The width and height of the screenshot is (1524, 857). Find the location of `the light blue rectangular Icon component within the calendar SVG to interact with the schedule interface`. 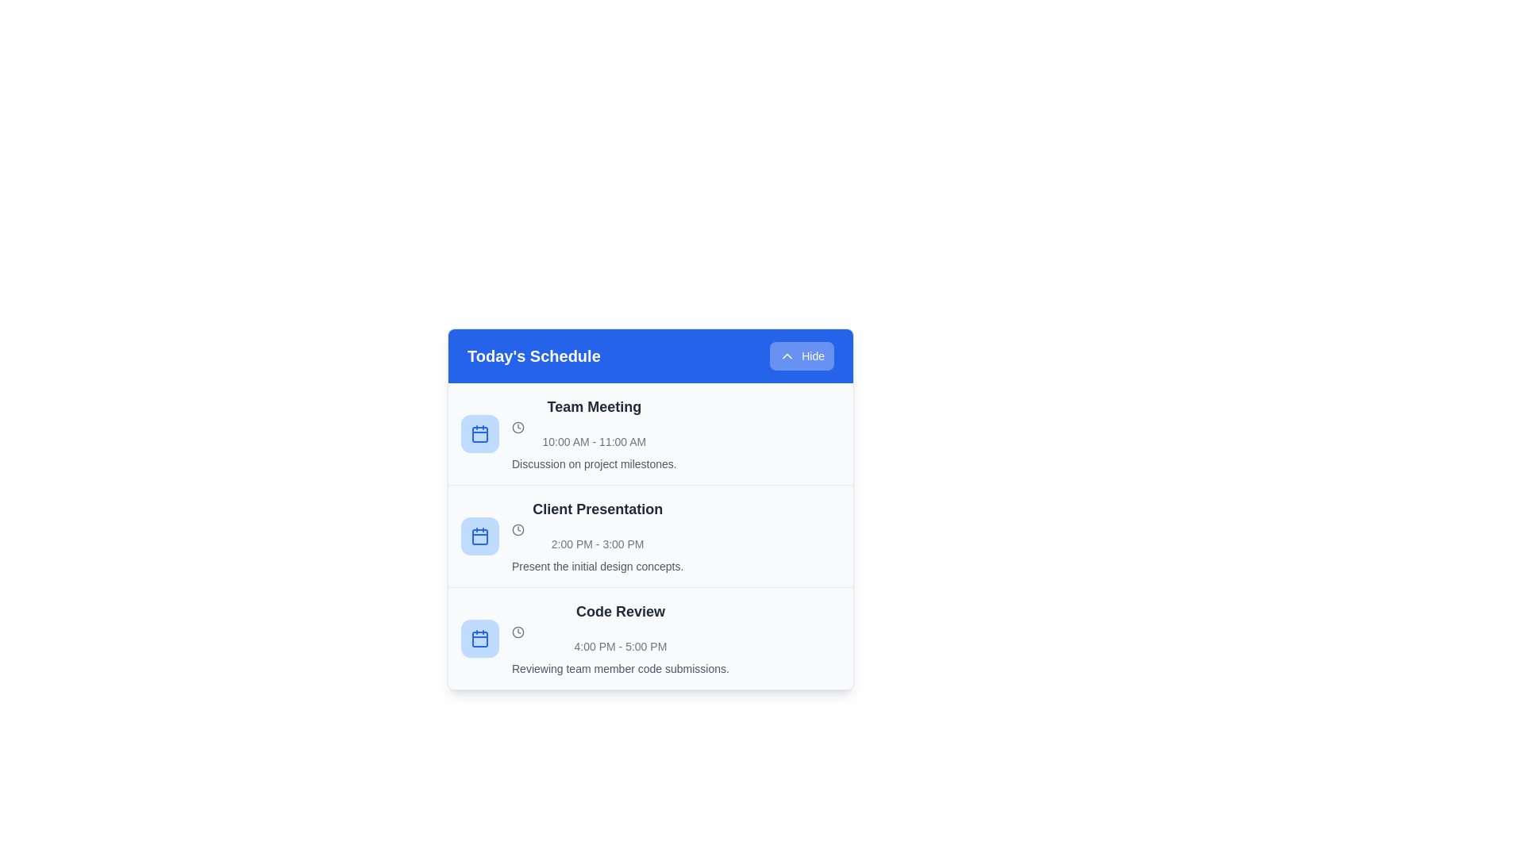

the light blue rectangular Icon component within the calendar SVG to interact with the schedule interface is located at coordinates (479, 639).